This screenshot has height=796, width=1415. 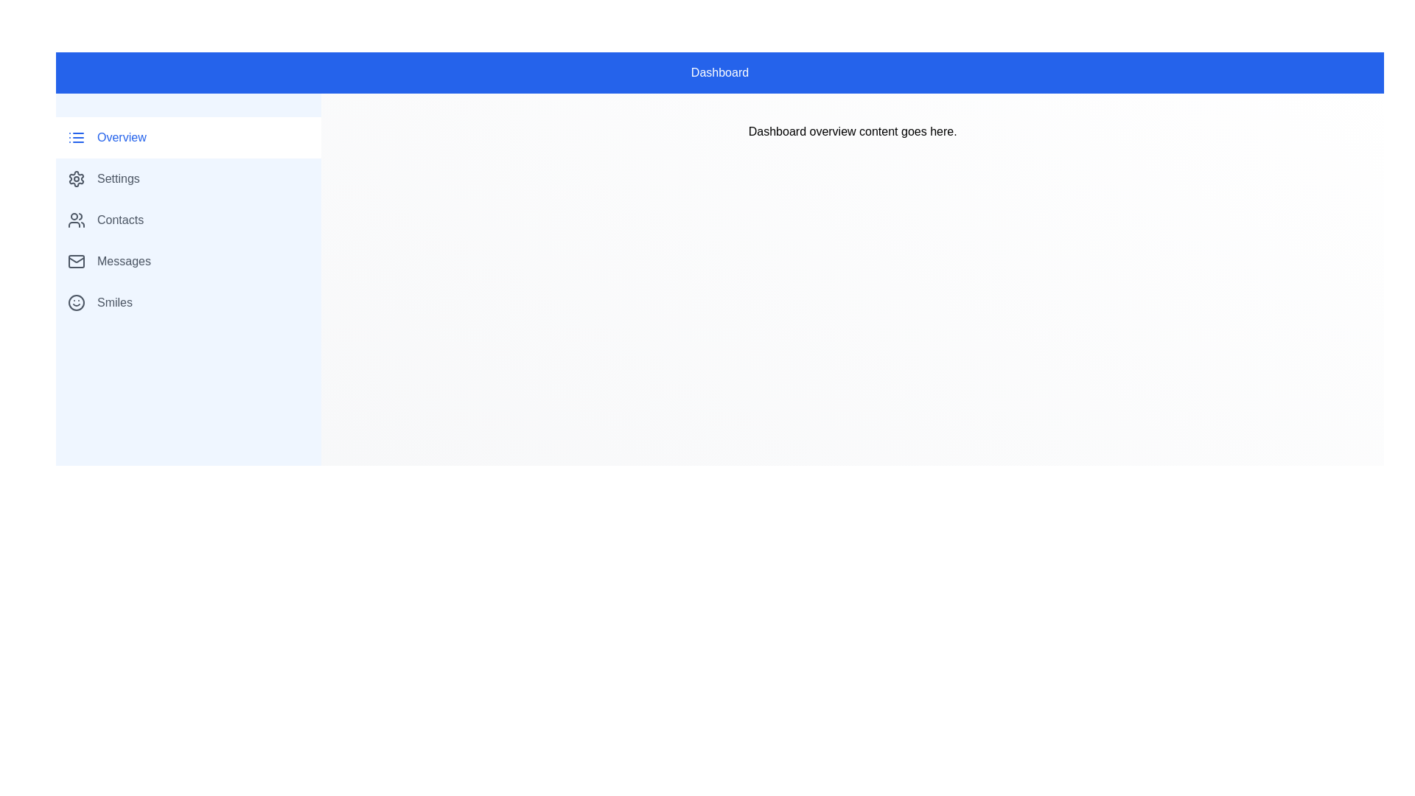 I want to click on the gear-shaped settings icon located to the left of the 'Settings' text in the sidebar navigation menu, so click(x=76, y=178).